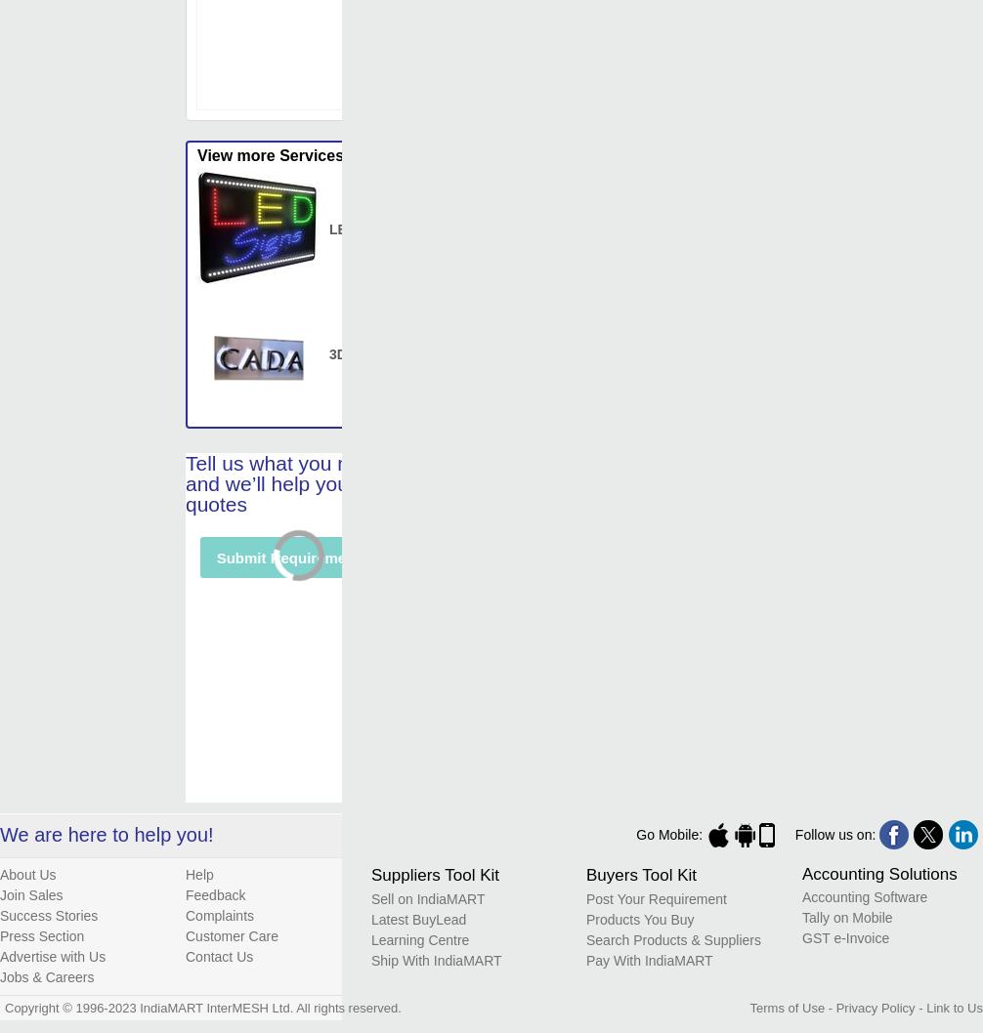 This screenshot has width=983, height=1033. Describe the element at coordinates (264, 846) in the screenshot. I see `'I want quotes for'` at that location.